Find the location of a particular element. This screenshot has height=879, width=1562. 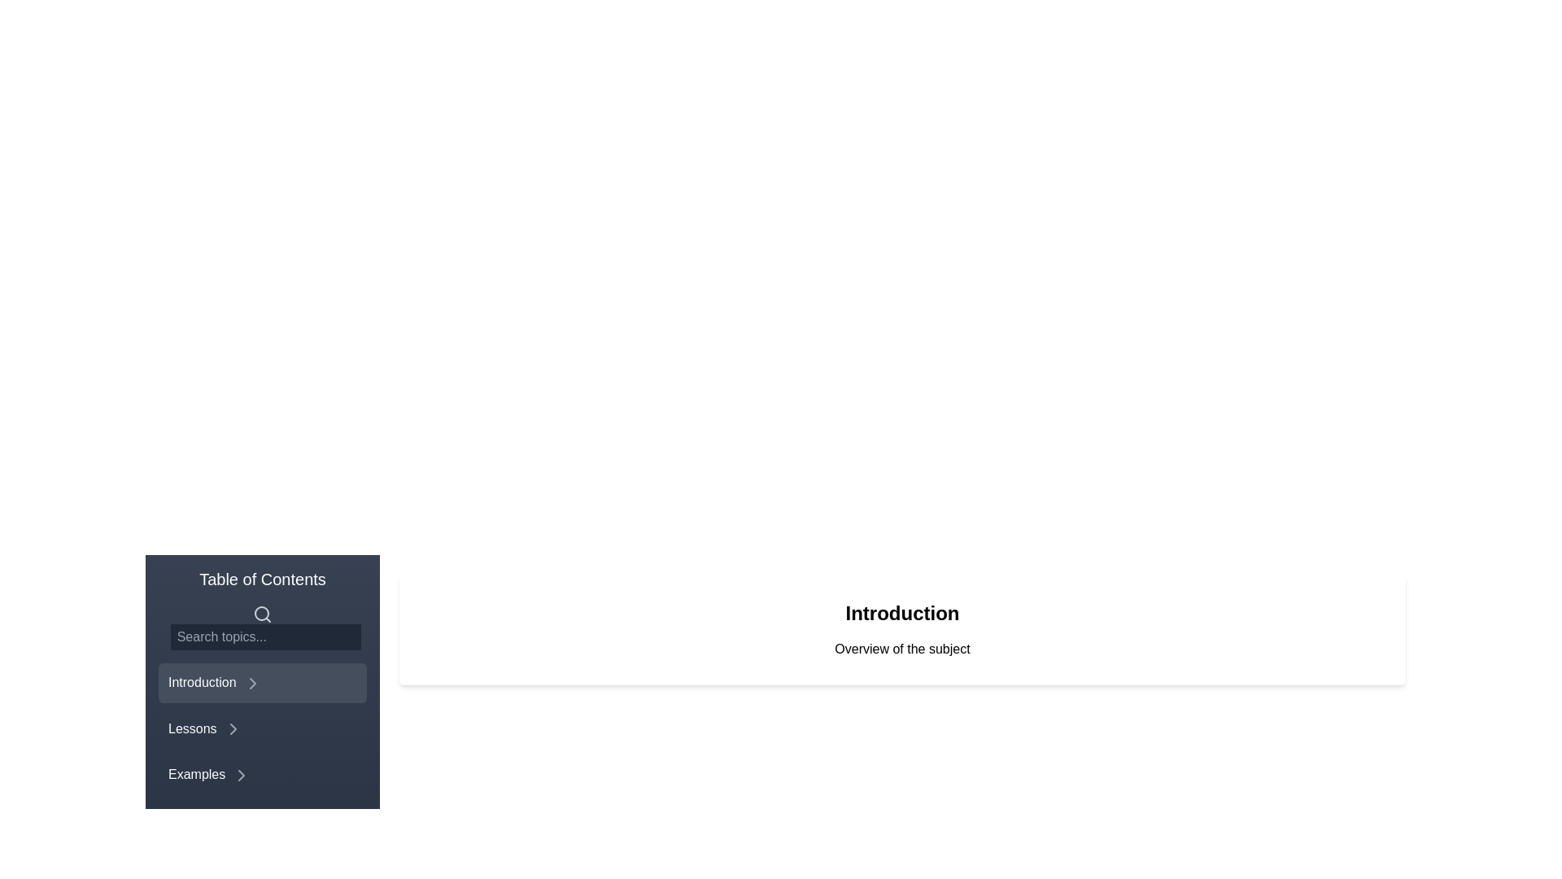

the static text label that provides a brief overview under the 'Introduction' heading is located at coordinates (901, 649).